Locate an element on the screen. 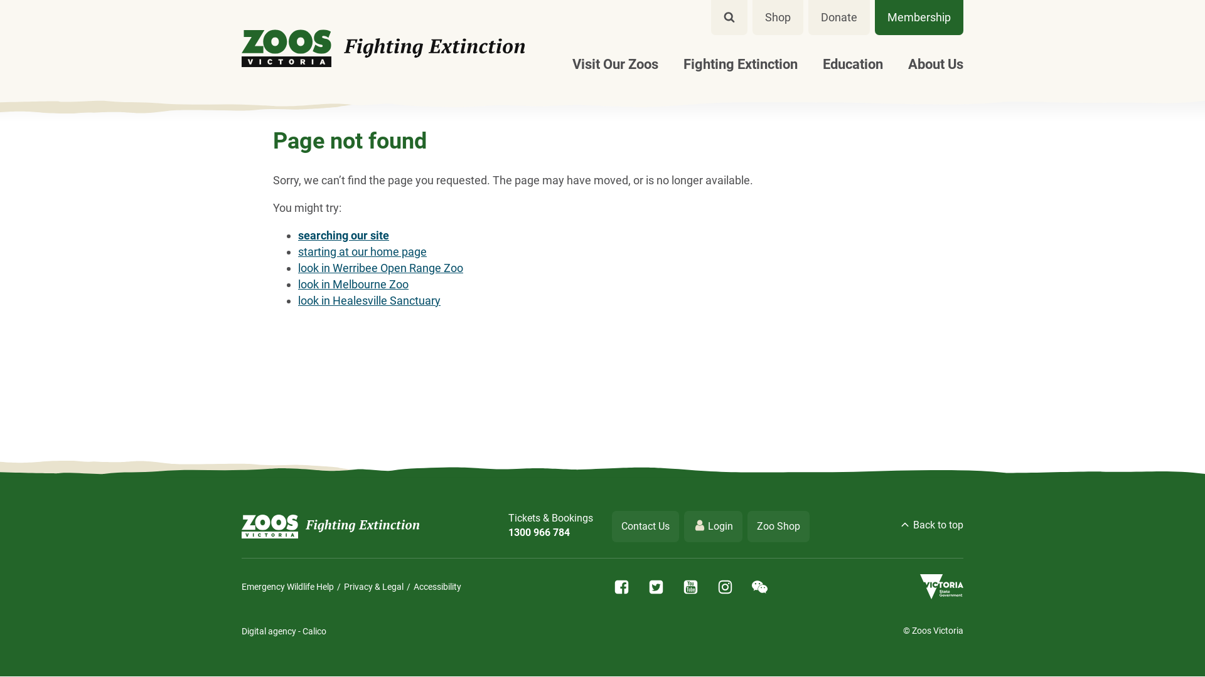  'Privacy & Legal' is located at coordinates (373, 587).